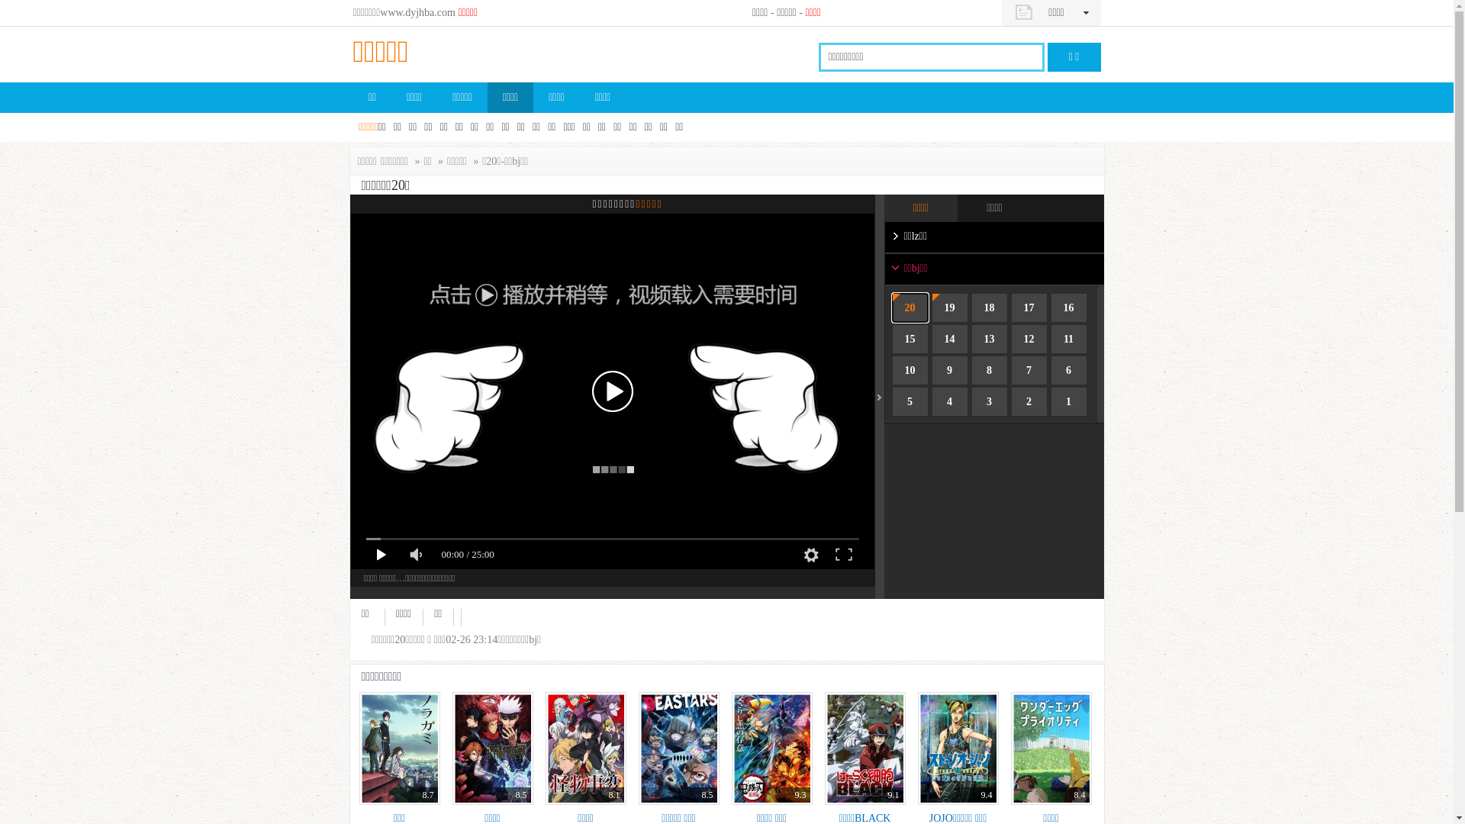 The image size is (1465, 824). I want to click on '9.1', so click(864, 747).